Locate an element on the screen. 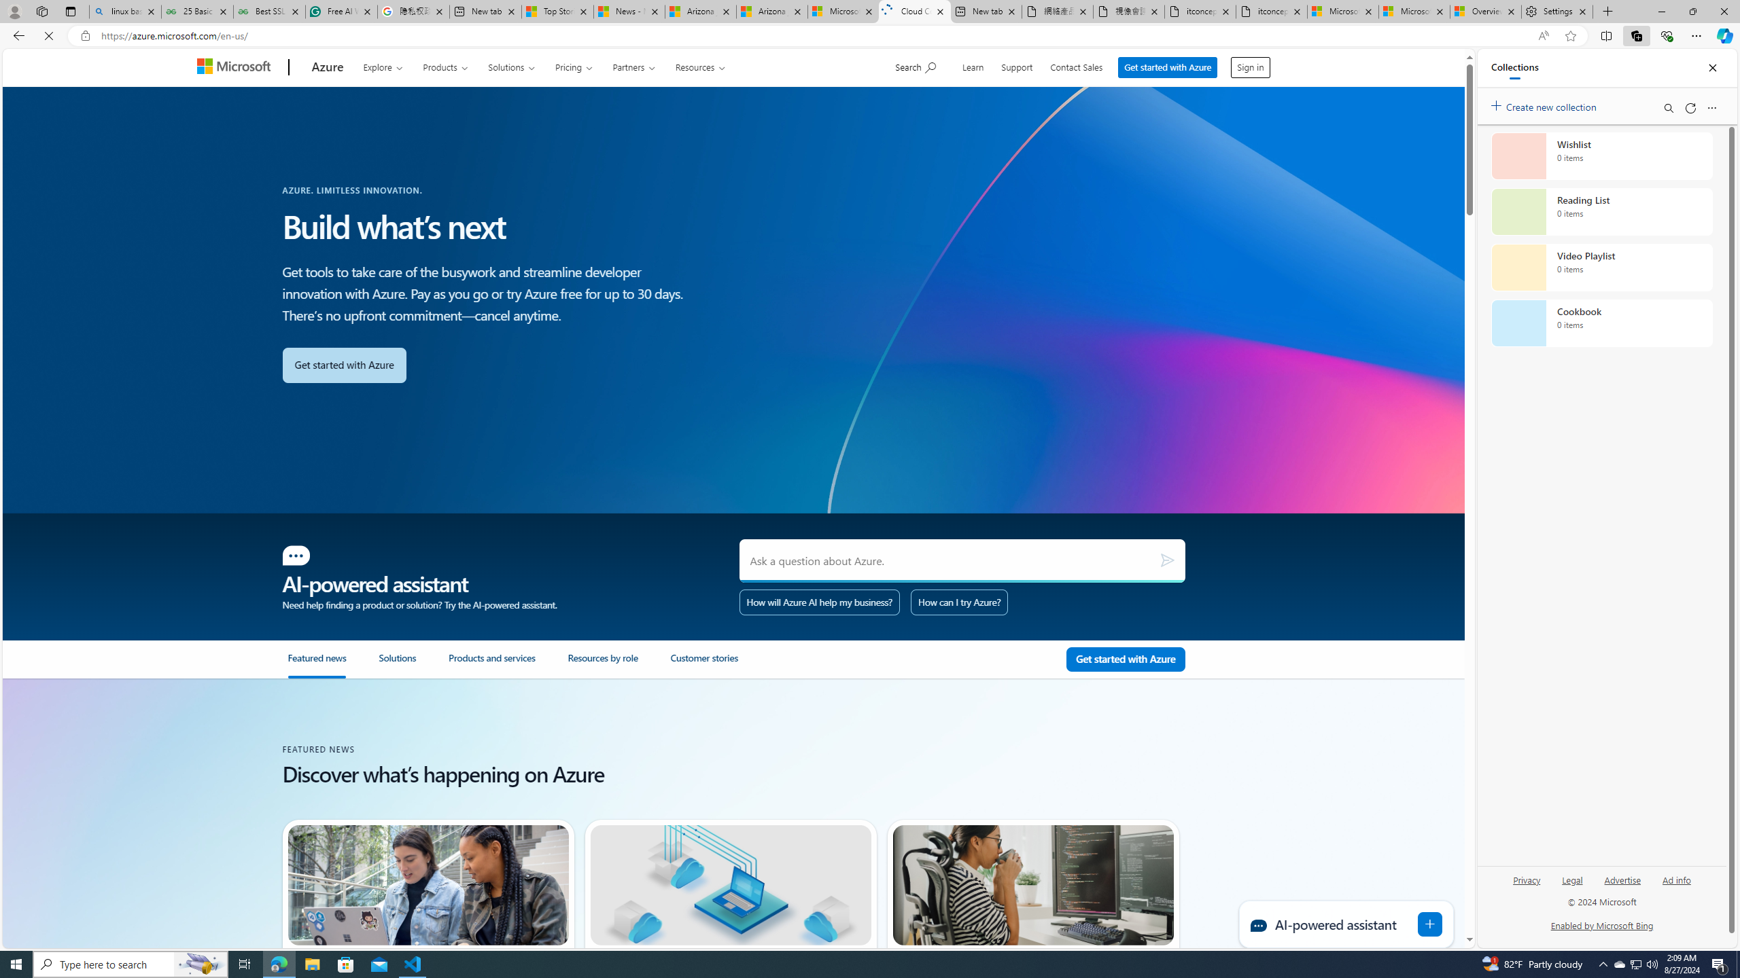 This screenshot has width=1740, height=978. 'Ask a question about Azure.' is located at coordinates (961, 560).